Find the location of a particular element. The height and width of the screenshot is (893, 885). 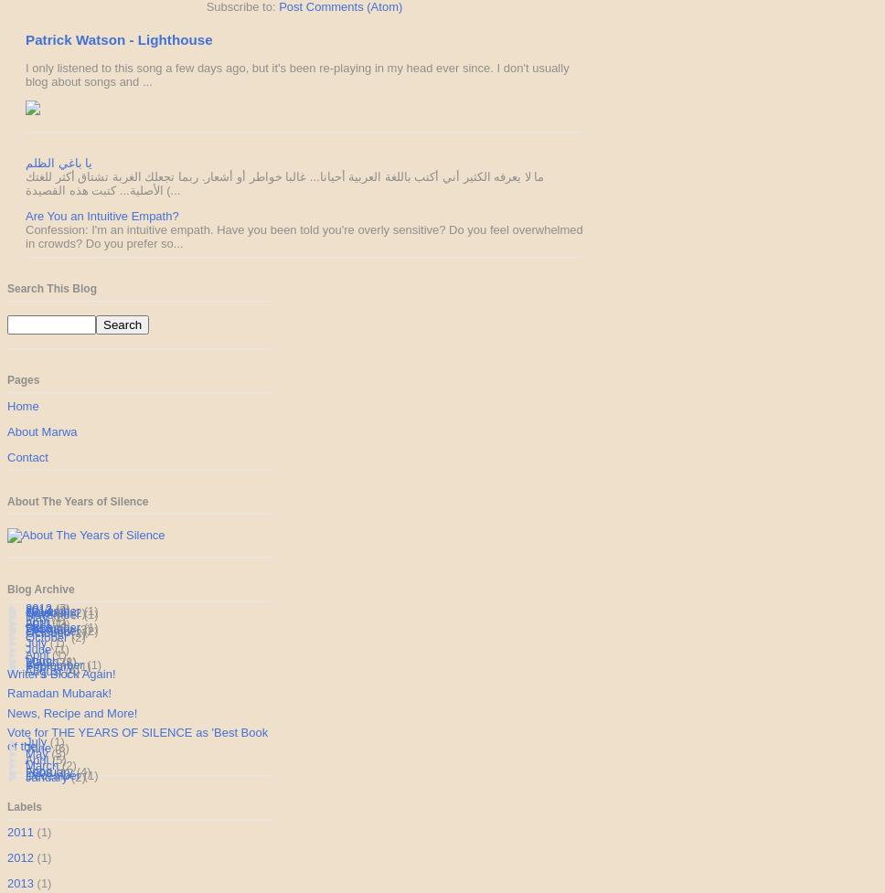

'2009' is located at coordinates (39, 661).